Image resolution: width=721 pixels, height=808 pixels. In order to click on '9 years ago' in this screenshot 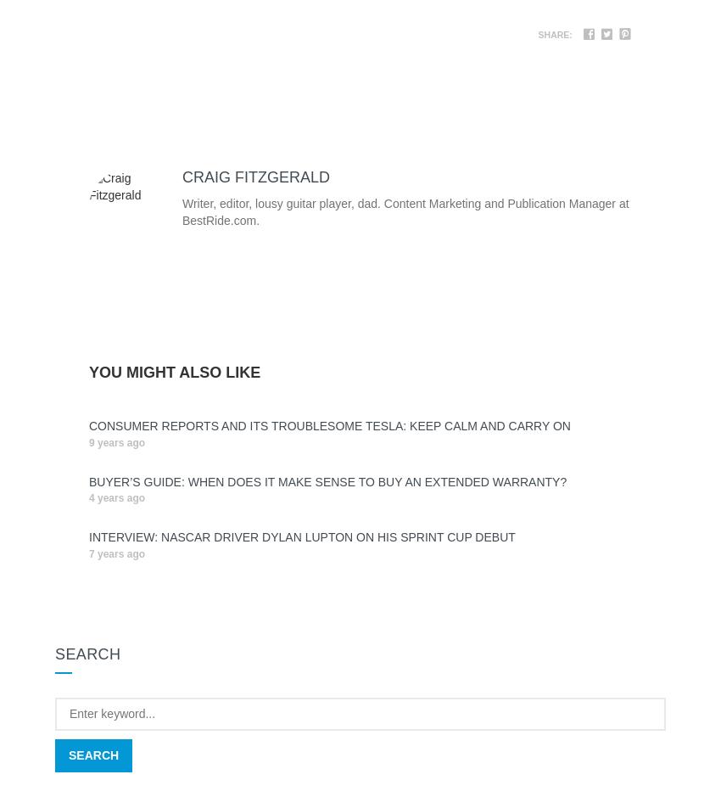, I will do `click(117, 442)`.